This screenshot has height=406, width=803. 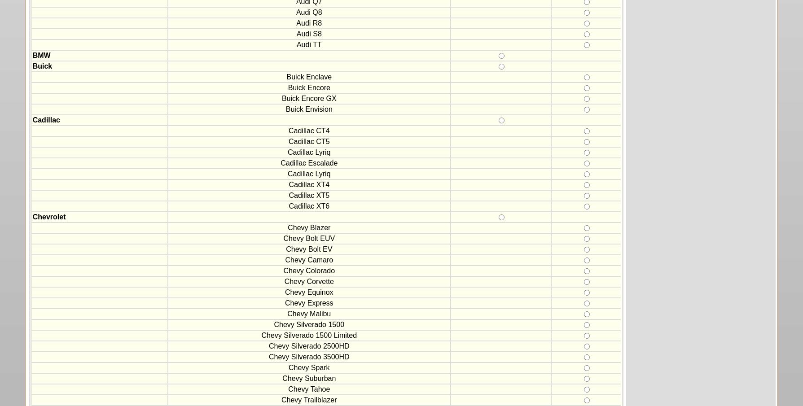 I want to click on 'Chevy Camaro', so click(x=309, y=260).